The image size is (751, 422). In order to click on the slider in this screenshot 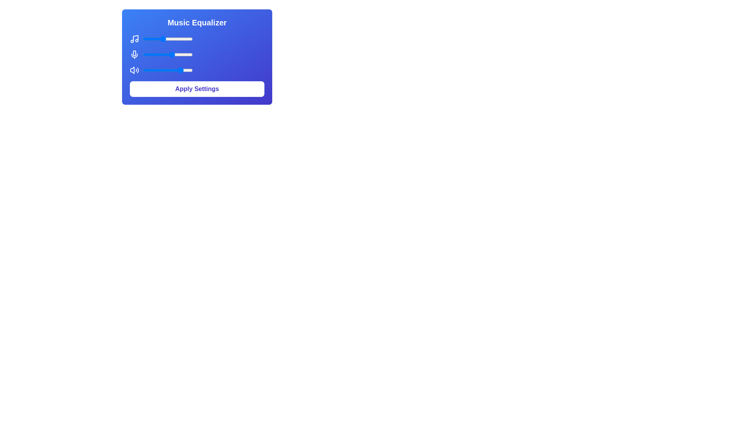, I will do `click(162, 54)`.